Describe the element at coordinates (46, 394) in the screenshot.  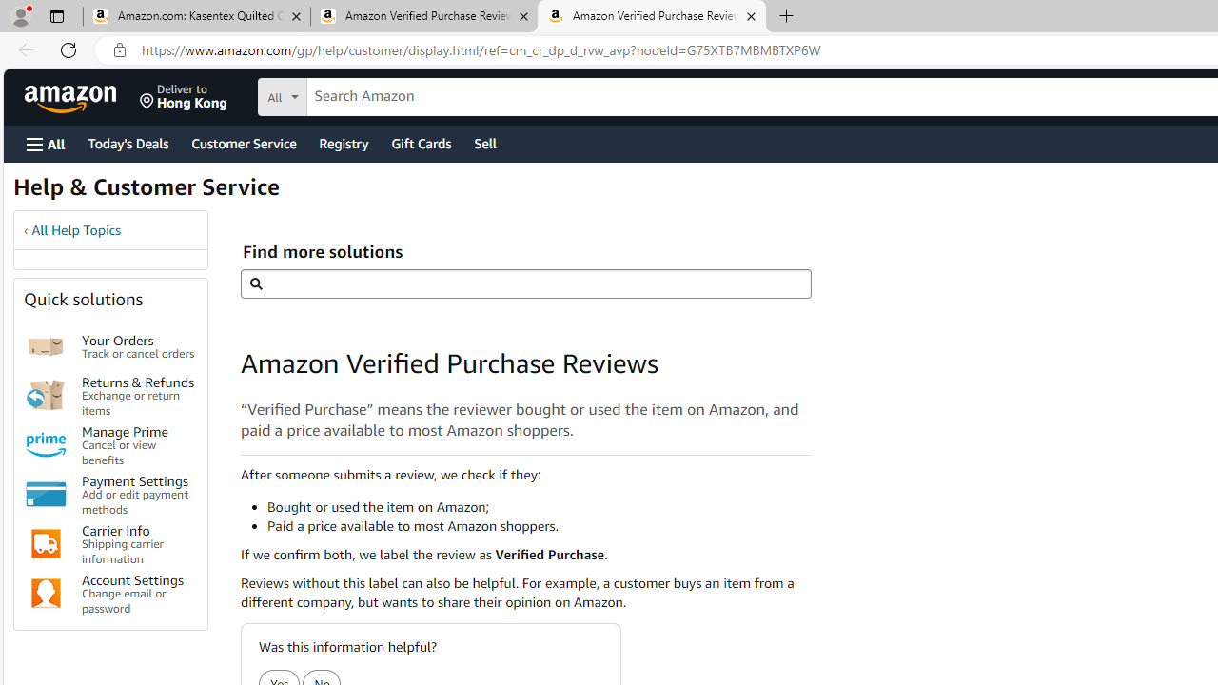
I see `'Returns & Refunds'` at that location.